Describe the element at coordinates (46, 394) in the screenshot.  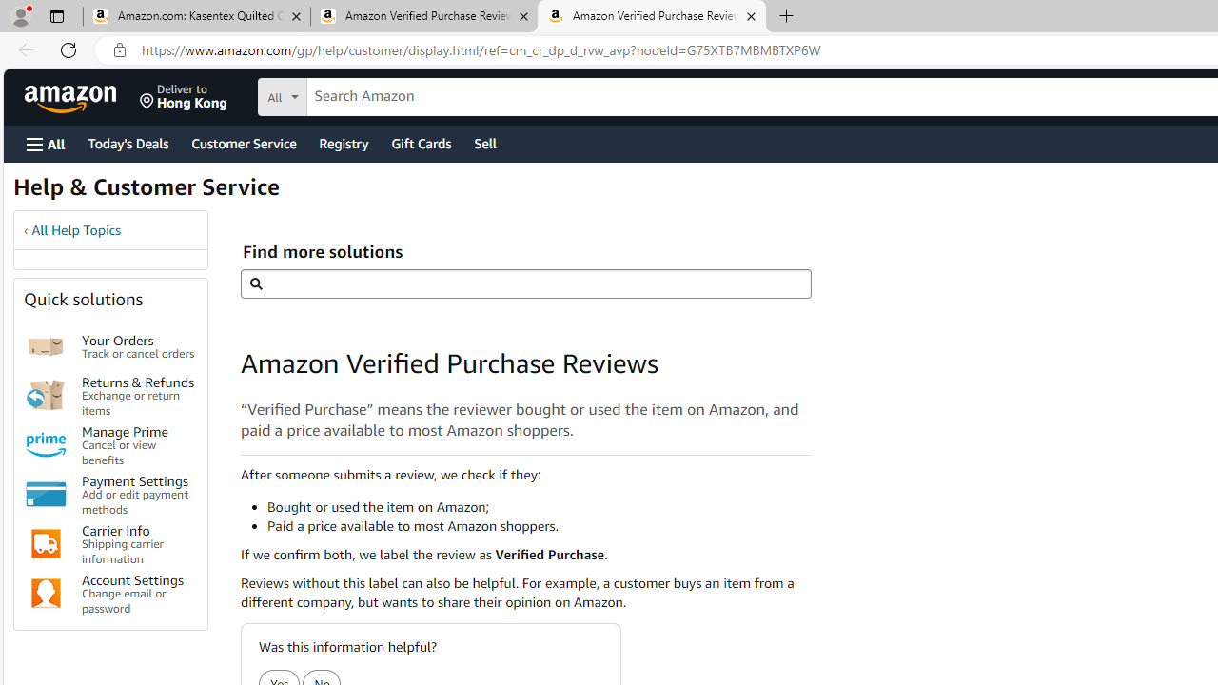
I see `'Returns & Refunds'` at that location.